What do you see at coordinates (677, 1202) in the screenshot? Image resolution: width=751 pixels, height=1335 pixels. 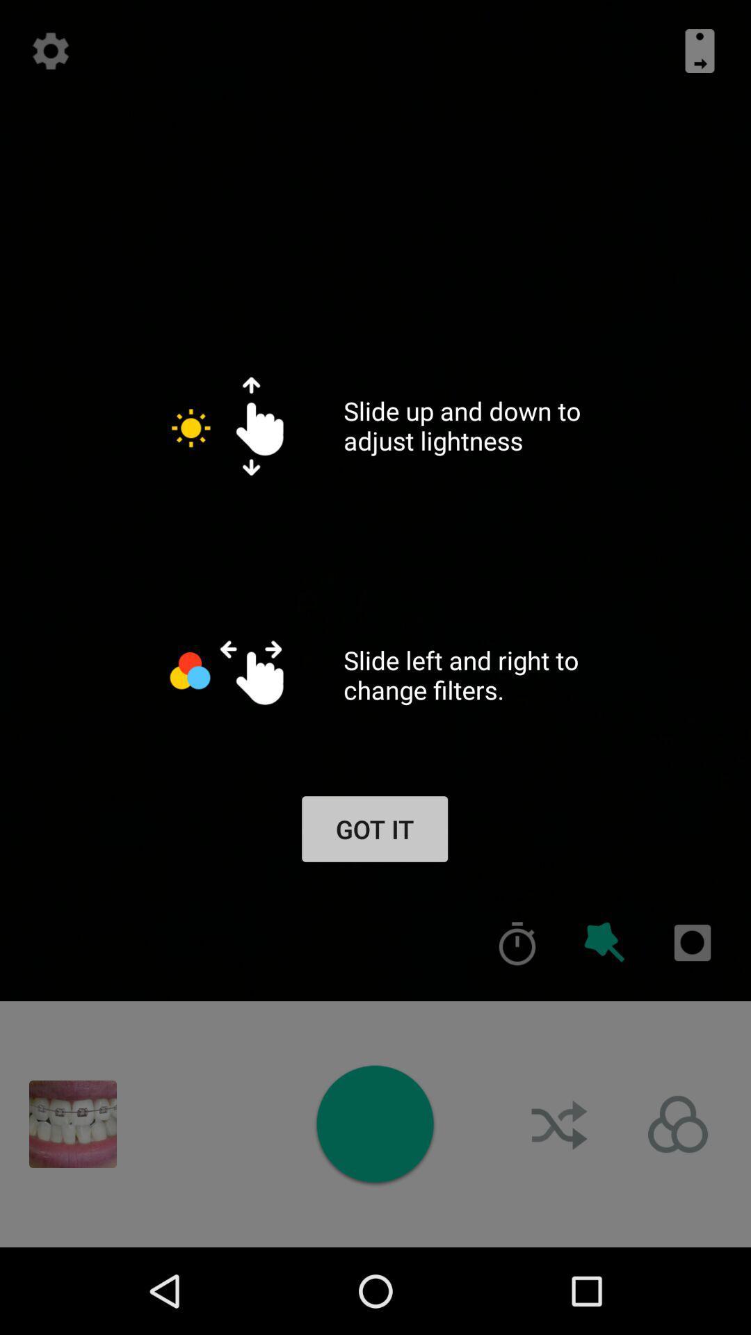 I see `the avatar icon` at bounding box center [677, 1202].